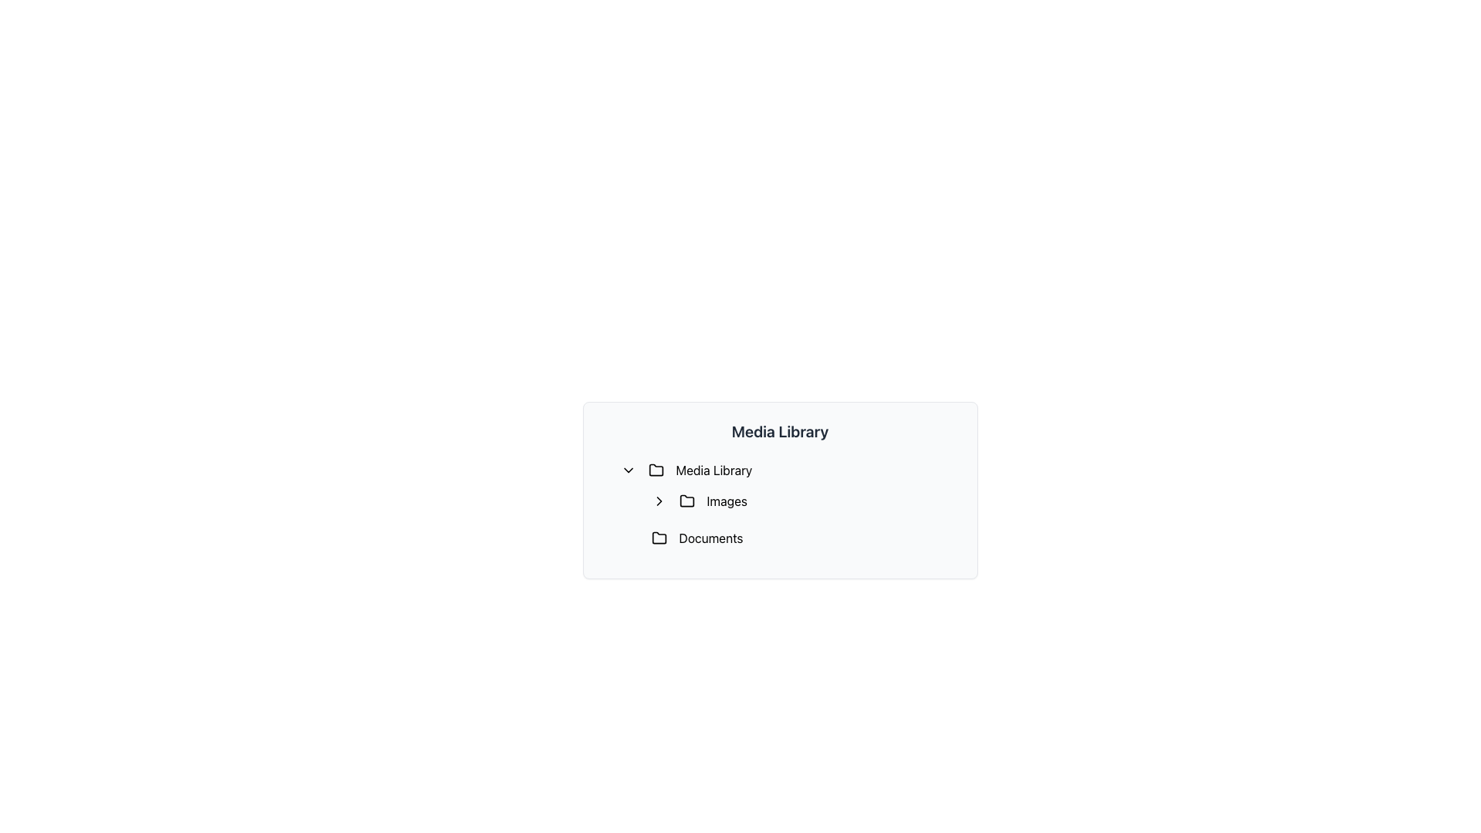  I want to click on the 'Images' text label, so click(726, 501).